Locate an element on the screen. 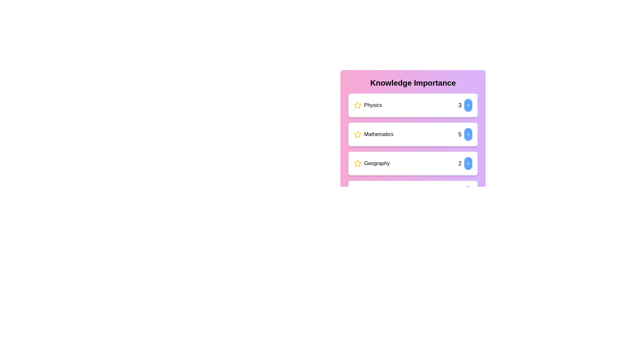 This screenshot has width=622, height=349. '+' button for the Mathematics knowledge area is located at coordinates (468, 134).